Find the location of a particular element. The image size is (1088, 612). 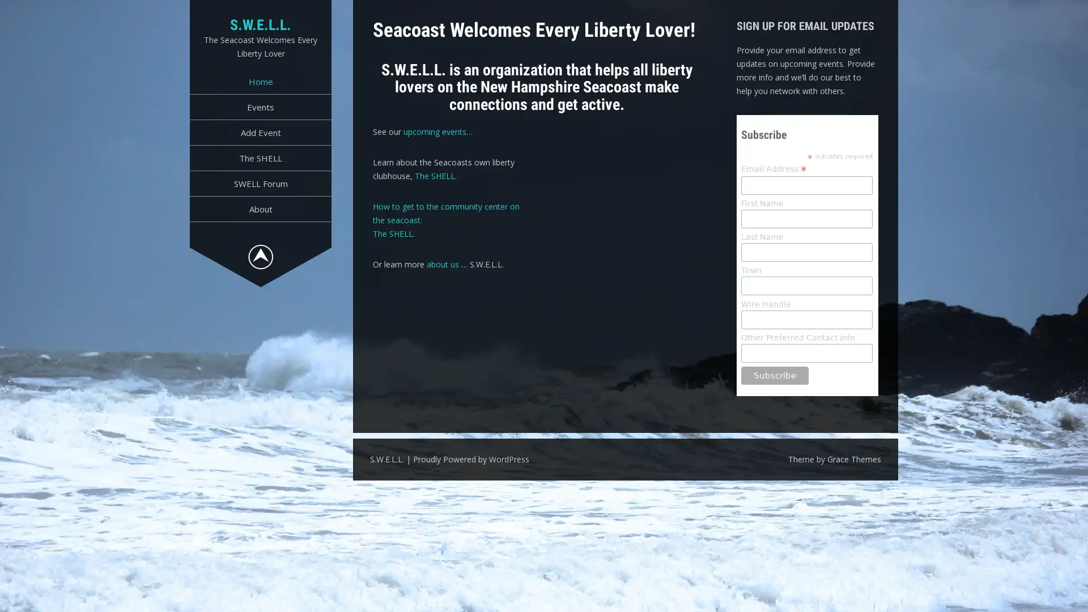

Subscribe is located at coordinates (773, 376).